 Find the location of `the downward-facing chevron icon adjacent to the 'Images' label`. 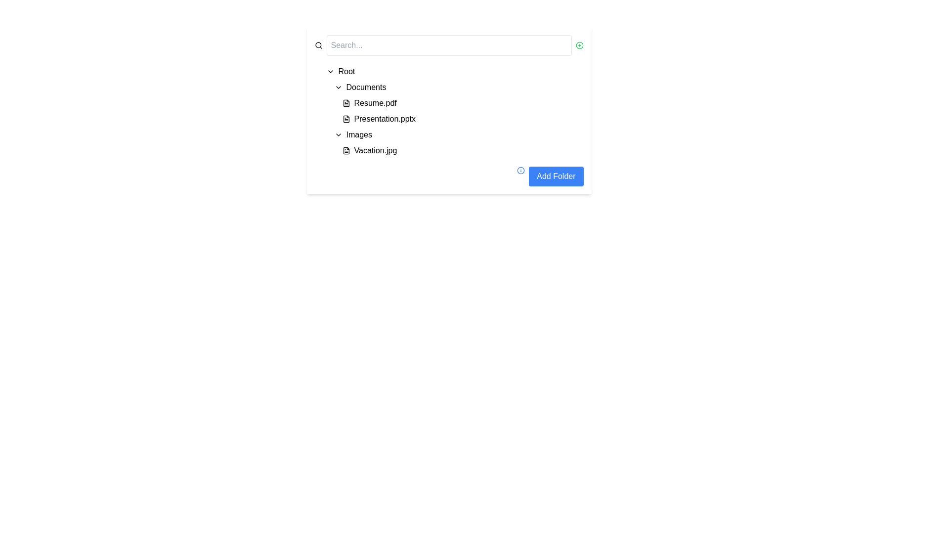

the downward-facing chevron icon adjacent to the 'Images' label is located at coordinates (338, 135).